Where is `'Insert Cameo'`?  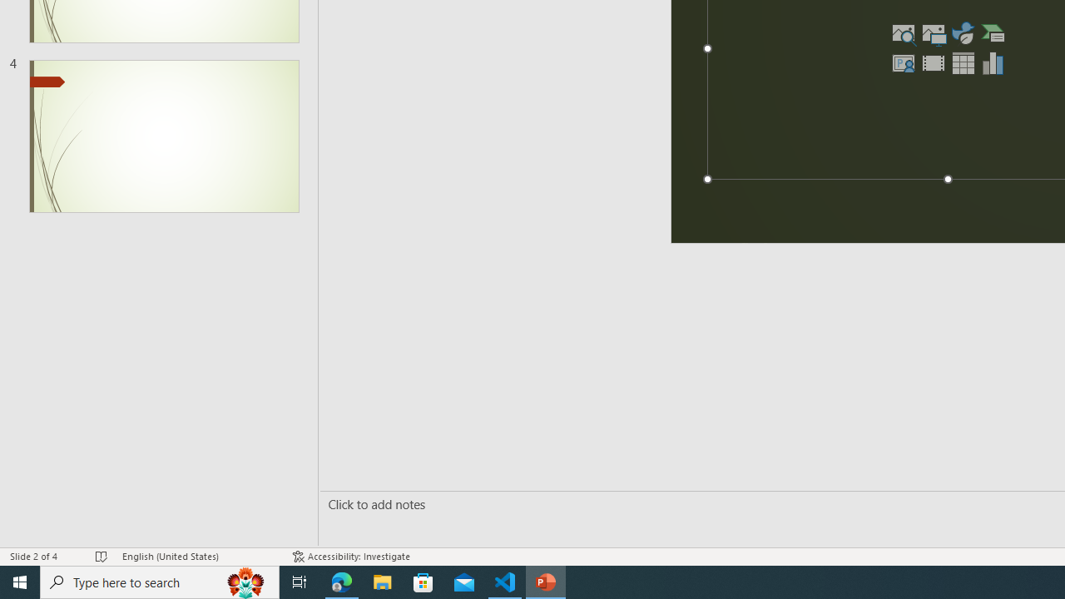 'Insert Cameo' is located at coordinates (903, 62).